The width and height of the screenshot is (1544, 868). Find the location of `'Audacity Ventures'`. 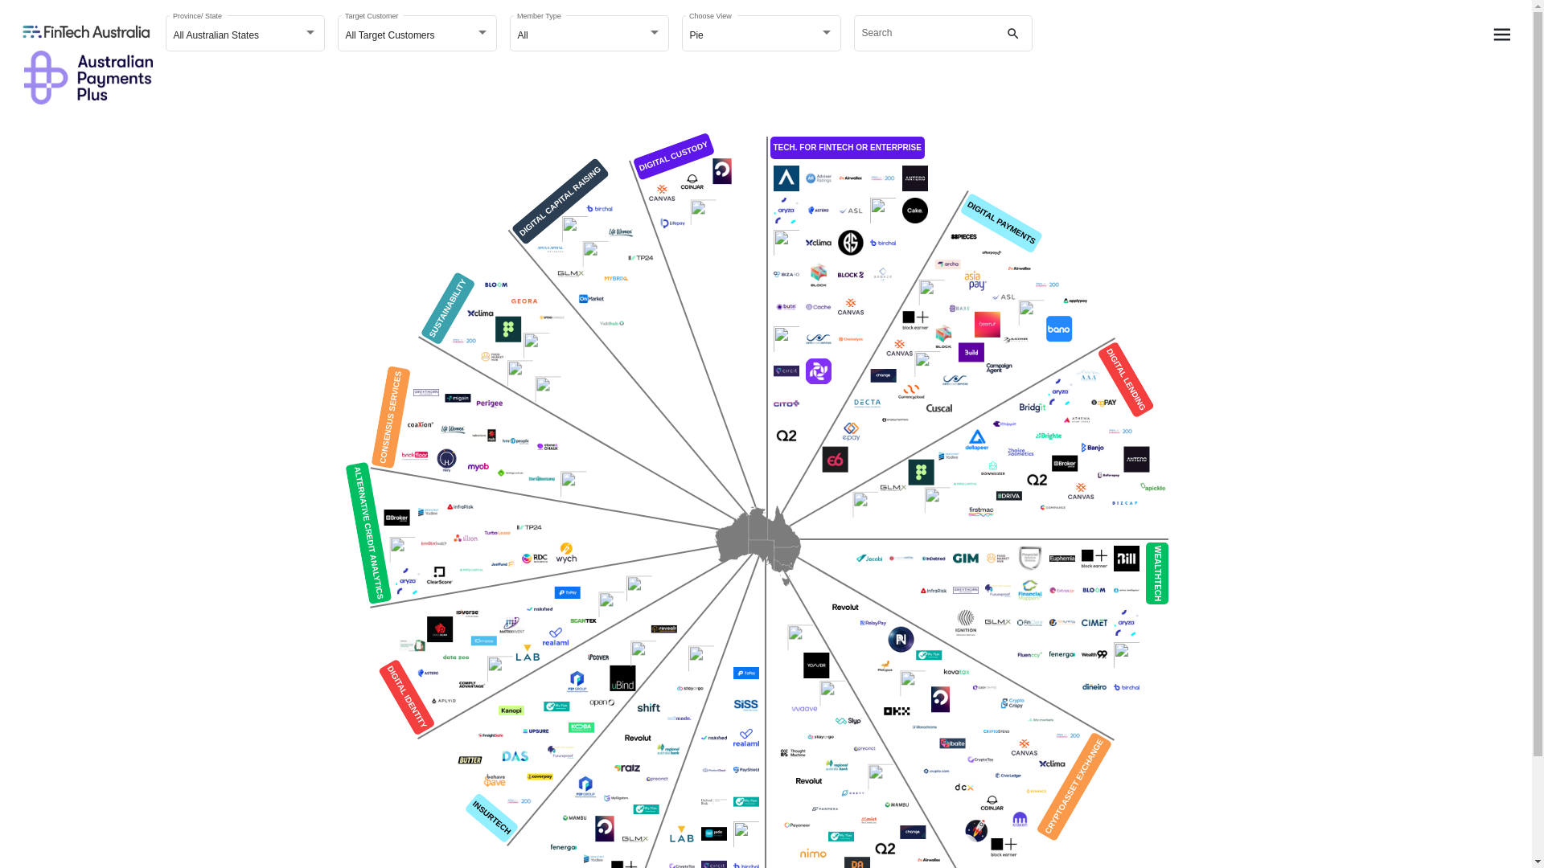

'Audacity Ventures' is located at coordinates (574, 229).